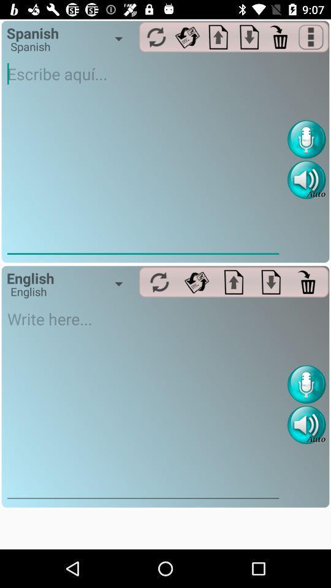  I want to click on the microphone icon, so click(306, 383).